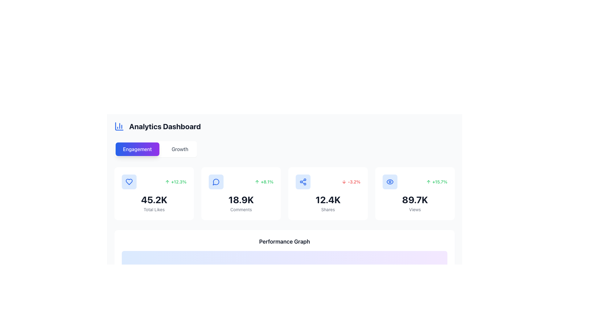 The image size is (592, 333). What do you see at coordinates (129, 182) in the screenshot?
I see `the blue heart-shaped icon with a curved line pattern in the Engagement section of the Analytics Dashboard` at bounding box center [129, 182].